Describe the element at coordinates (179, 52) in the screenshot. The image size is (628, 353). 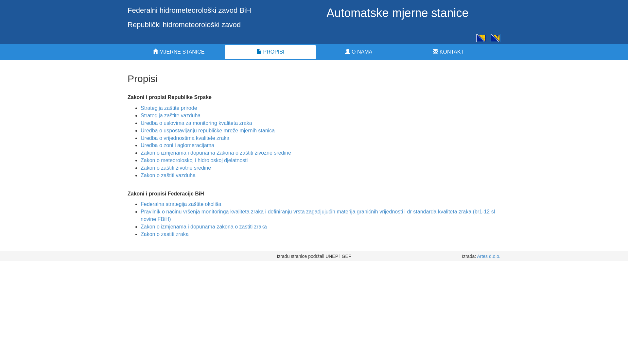
I see `'MJERNE STANICE'` at that location.